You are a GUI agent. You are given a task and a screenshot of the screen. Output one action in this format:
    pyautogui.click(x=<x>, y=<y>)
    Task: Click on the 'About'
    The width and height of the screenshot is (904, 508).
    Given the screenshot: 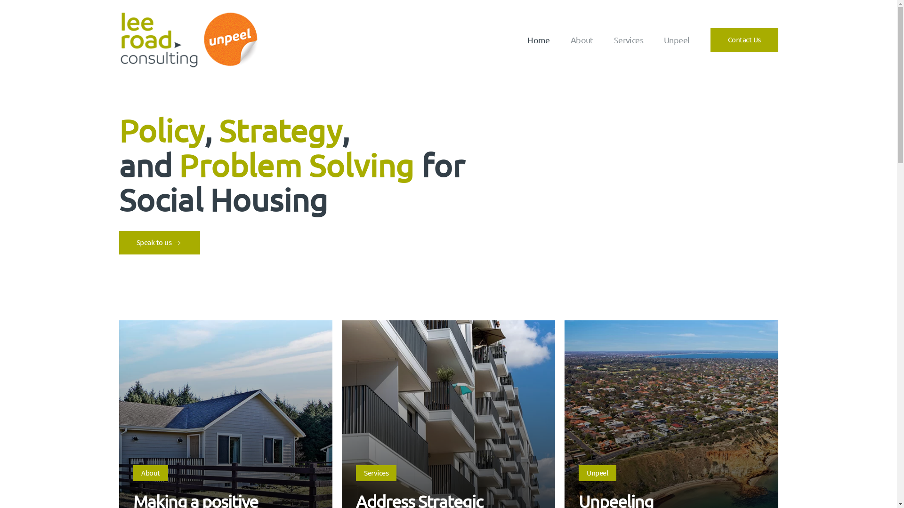 What is the action you would take?
    pyautogui.click(x=151, y=473)
    